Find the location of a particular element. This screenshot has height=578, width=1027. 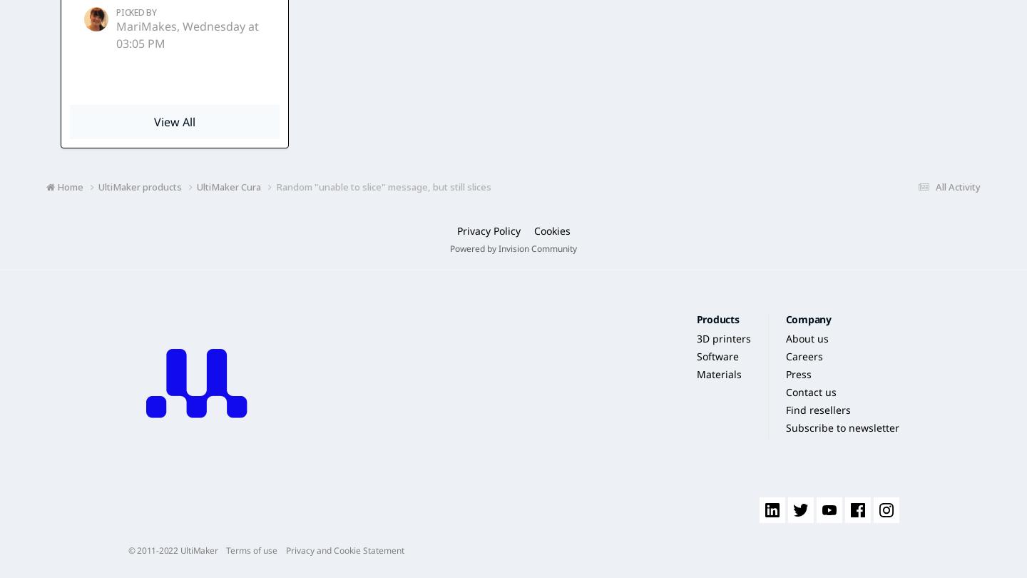

'Random "unable to slice" message, but still slices' is located at coordinates (382, 185).